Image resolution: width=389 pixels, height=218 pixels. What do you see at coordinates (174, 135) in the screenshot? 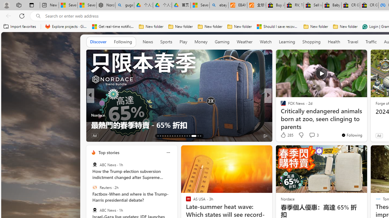
I see `'AutomationID: tab-20'` at bounding box center [174, 135].